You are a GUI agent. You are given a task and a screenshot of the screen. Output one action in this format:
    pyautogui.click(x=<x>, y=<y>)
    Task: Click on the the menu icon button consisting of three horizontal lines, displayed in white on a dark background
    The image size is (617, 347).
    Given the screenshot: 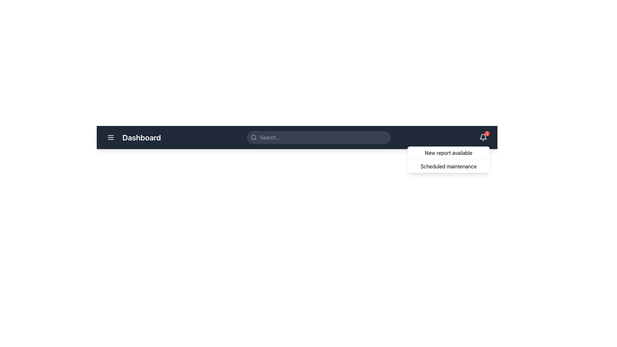 What is the action you would take?
    pyautogui.click(x=111, y=137)
    